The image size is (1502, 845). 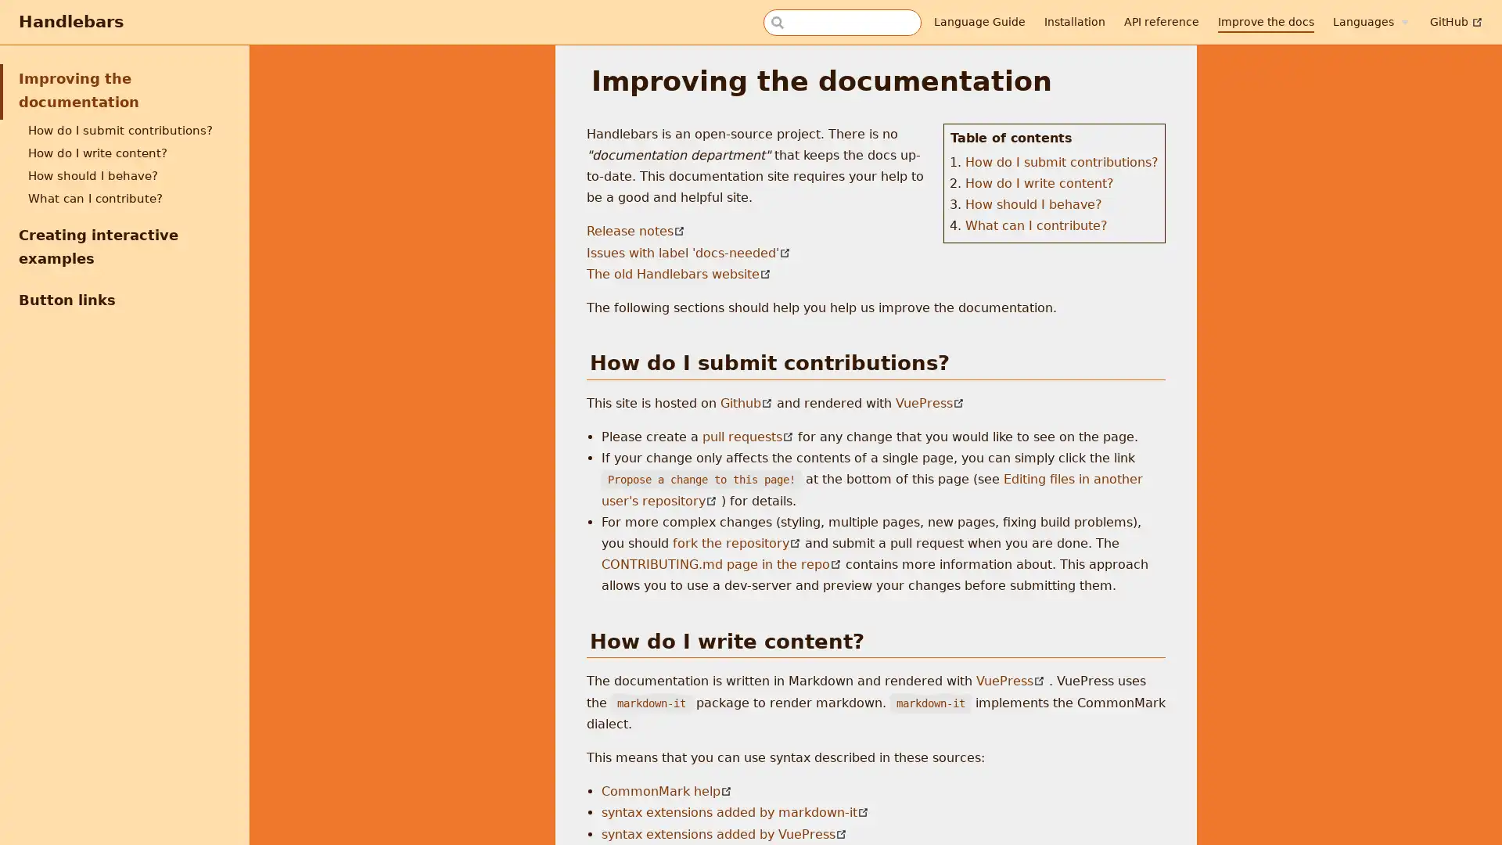 I want to click on Languages, so click(x=1369, y=21).